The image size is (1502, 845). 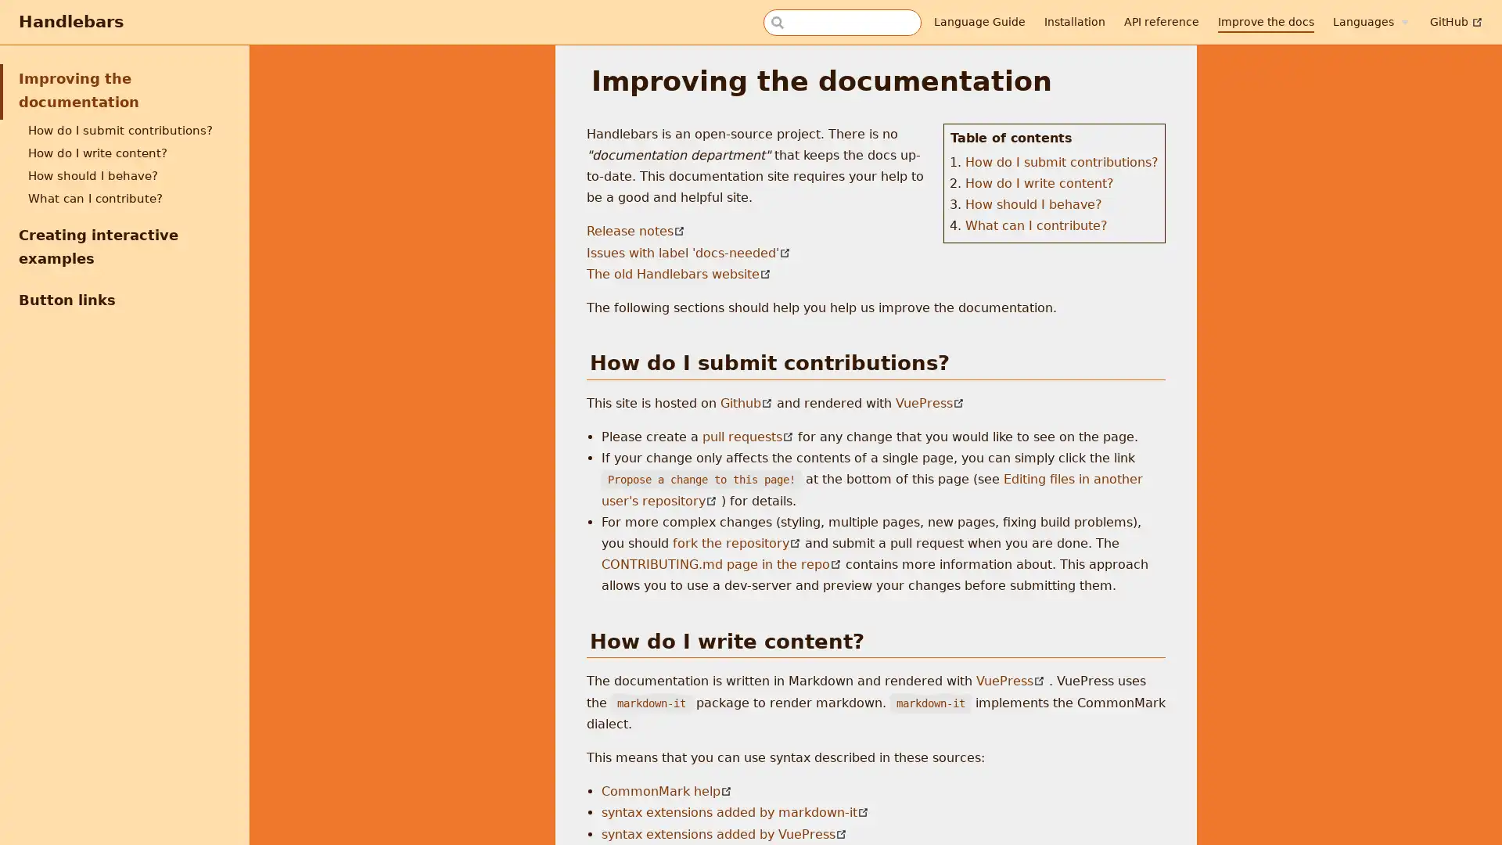 I want to click on Languages, so click(x=1369, y=21).